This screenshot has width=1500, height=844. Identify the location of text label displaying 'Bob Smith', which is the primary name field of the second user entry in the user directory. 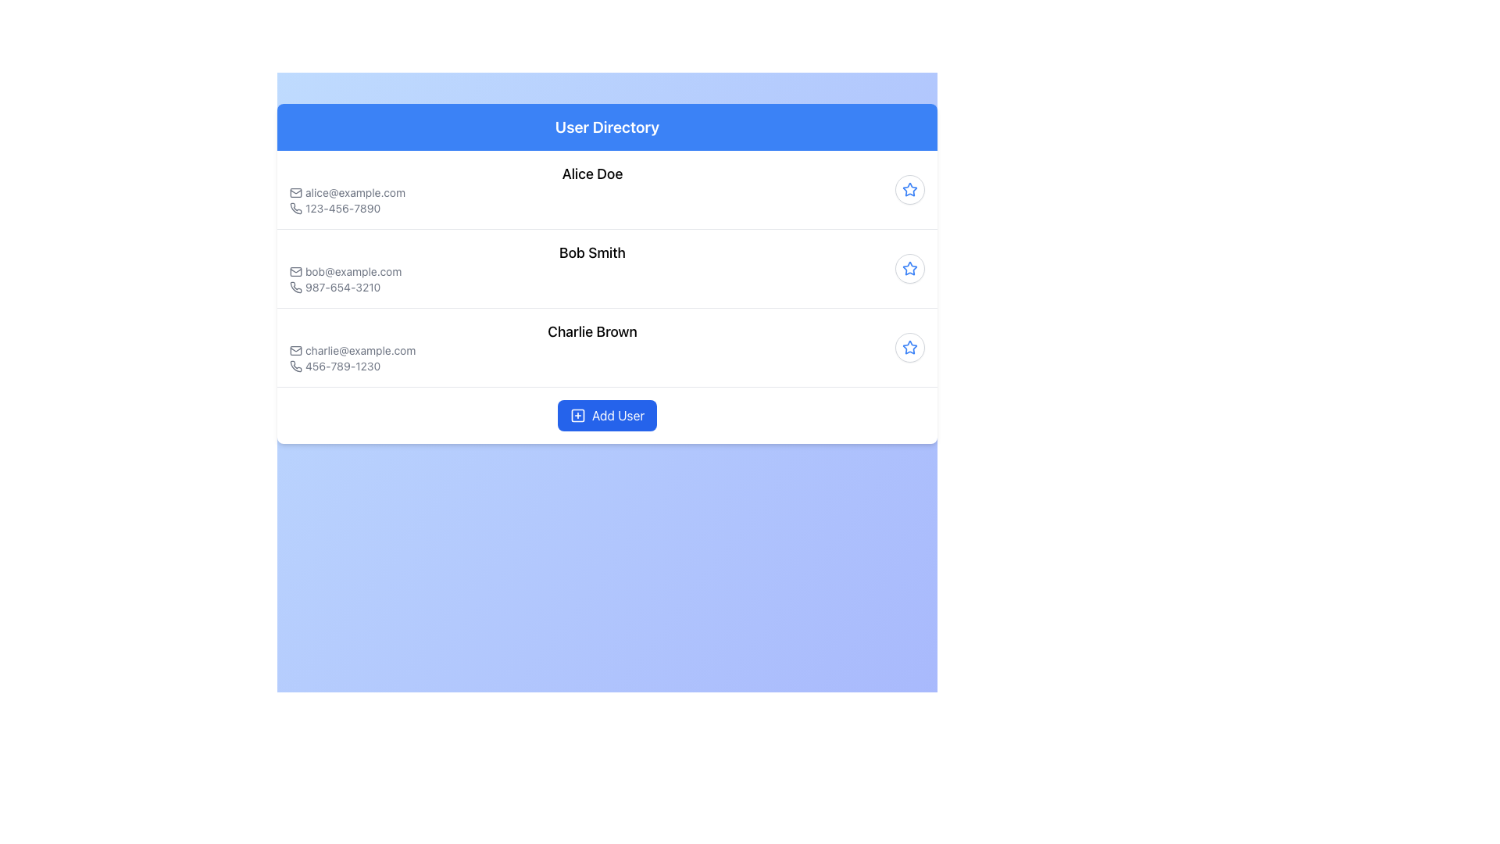
(591, 252).